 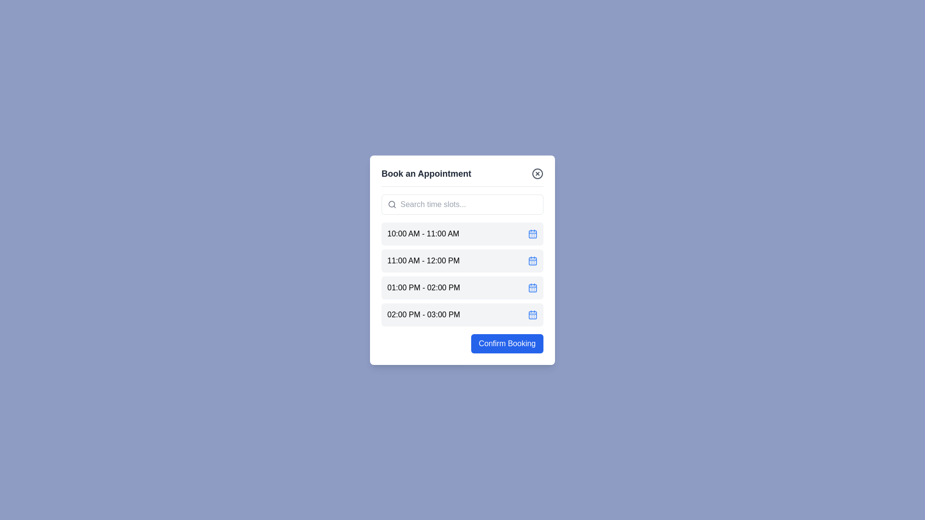 I want to click on the 'Close' icon in the top-right corner of the dialog, so click(x=537, y=173).